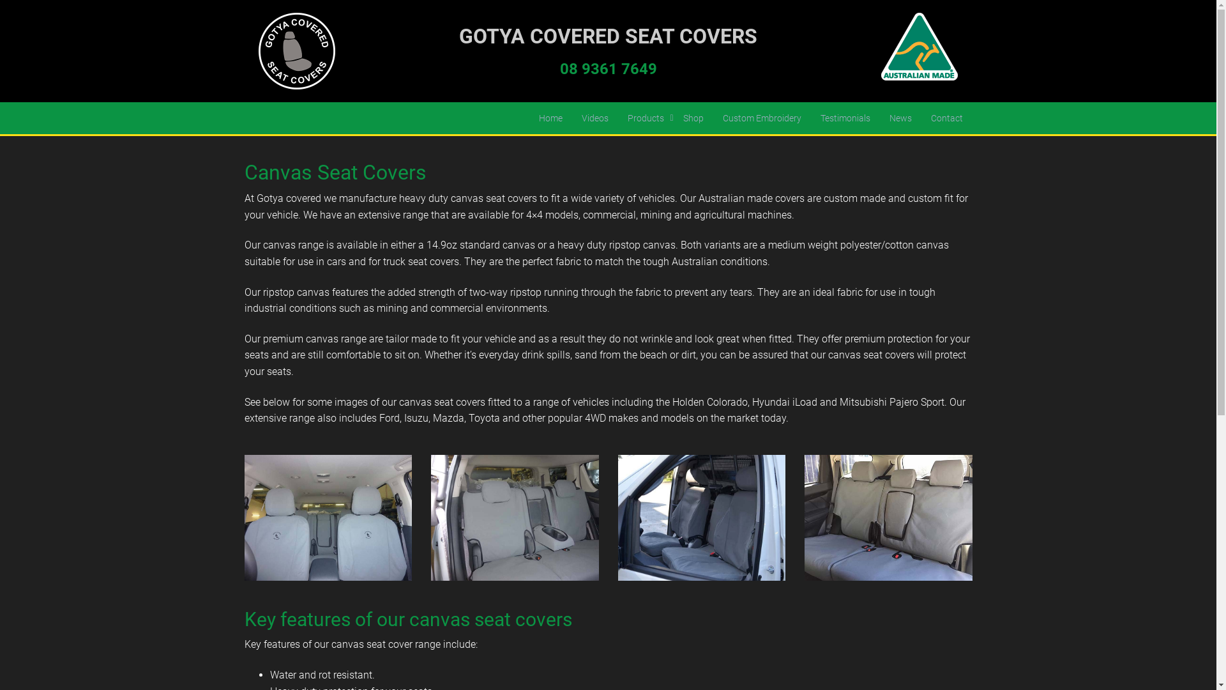 Image resolution: width=1226 pixels, height=690 pixels. I want to click on 'Videos', so click(594, 118).